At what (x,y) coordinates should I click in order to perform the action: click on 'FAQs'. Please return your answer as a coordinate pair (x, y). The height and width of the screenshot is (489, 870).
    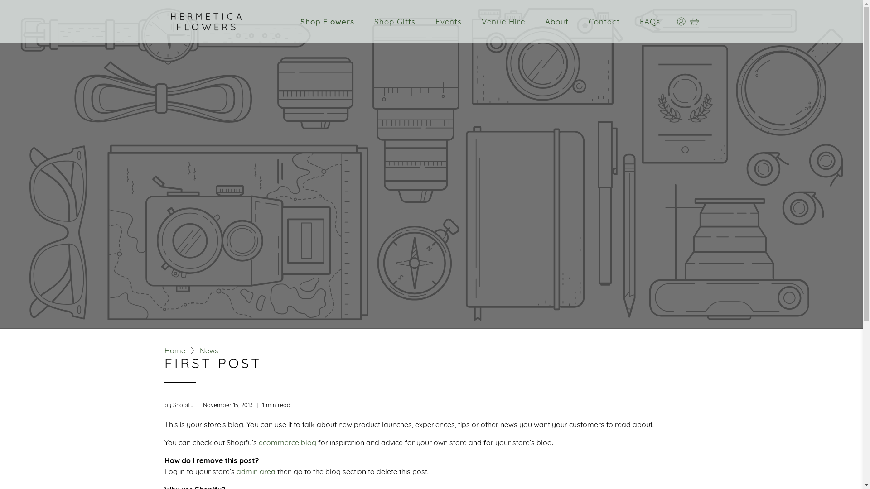
    Looking at the image, I should click on (649, 21).